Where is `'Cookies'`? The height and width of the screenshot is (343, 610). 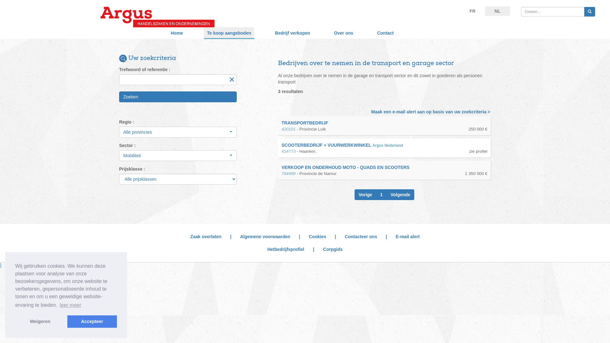
'Cookies' is located at coordinates (317, 236).